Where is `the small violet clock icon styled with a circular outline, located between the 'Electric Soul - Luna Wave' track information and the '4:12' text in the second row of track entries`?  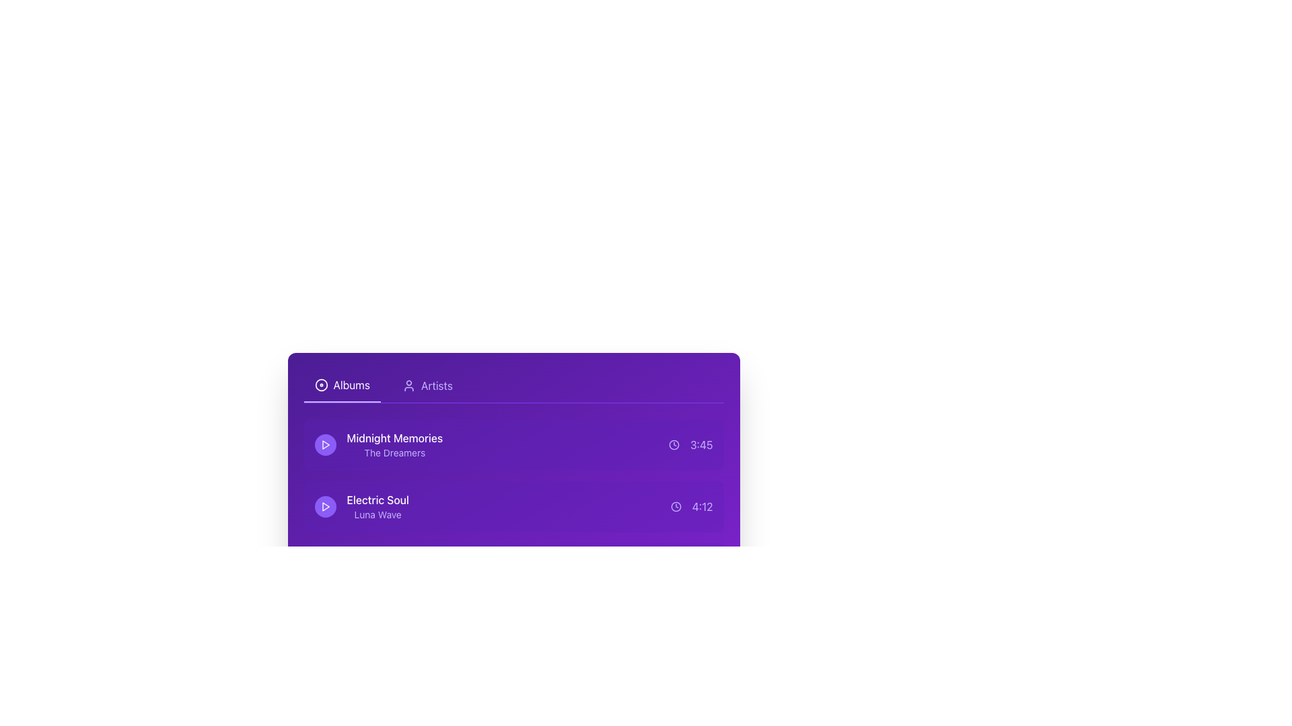 the small violet clock icon styled with a circular outline, located between the 'Electric Soul - Luna Wave' track information and the '4:12' text in the second row of track entries is located at coordinates (676, 506).